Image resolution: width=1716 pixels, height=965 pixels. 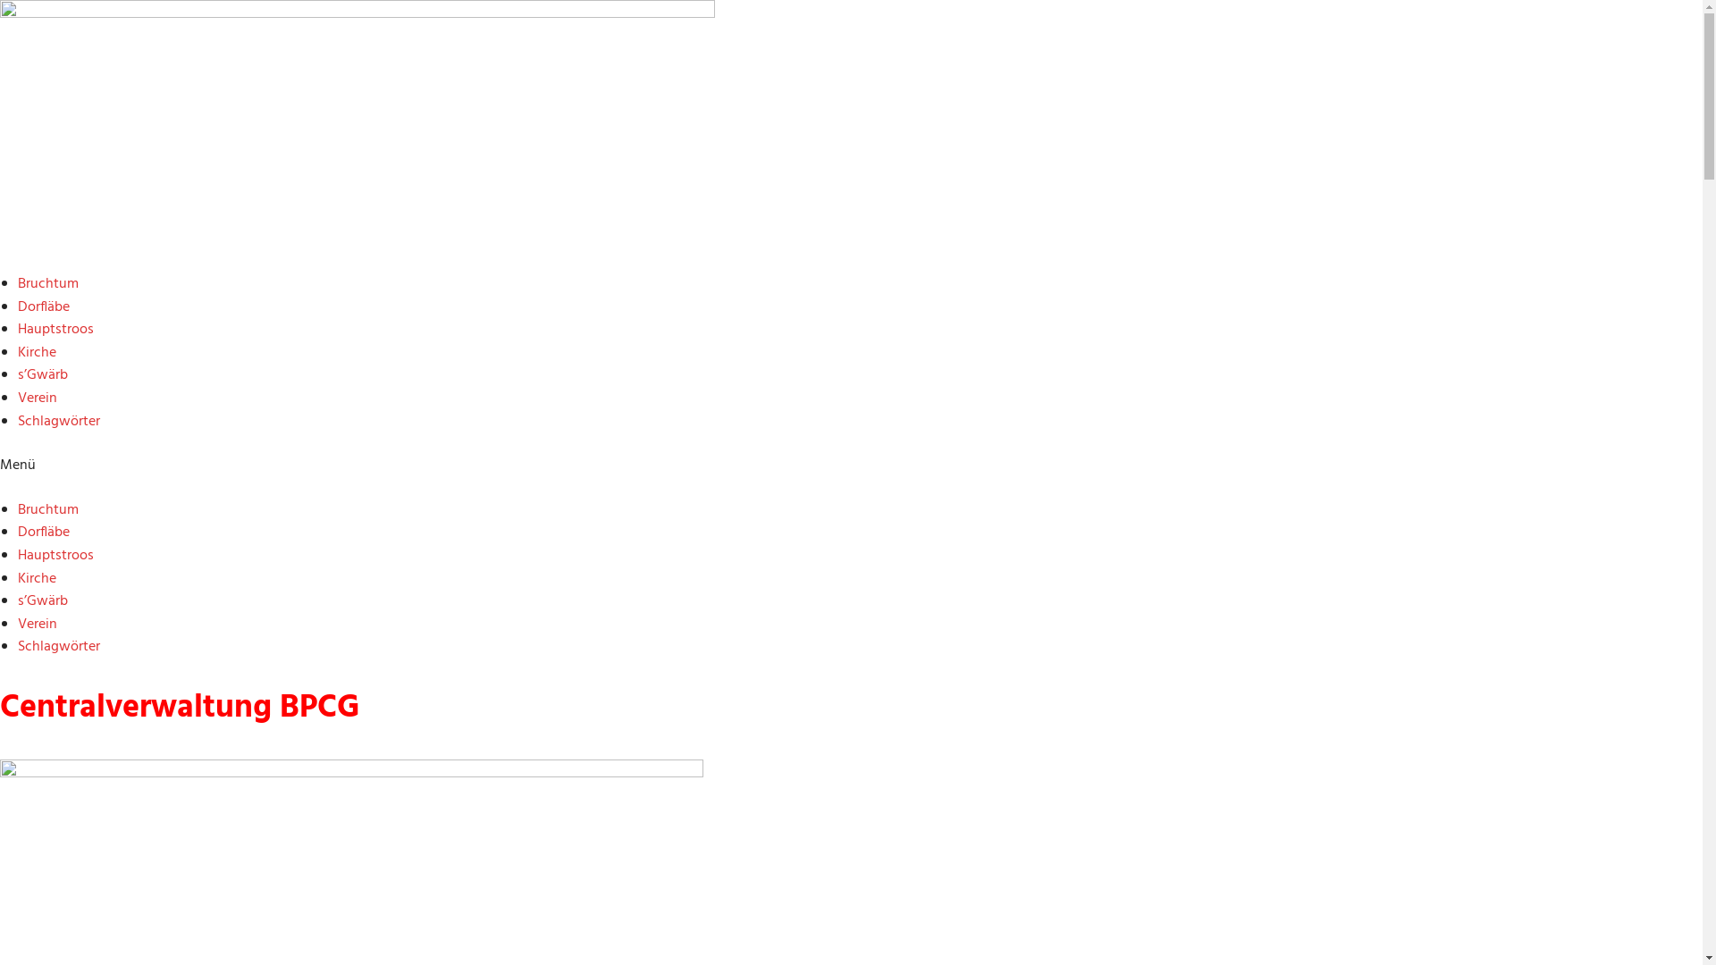 I want to click on 'Hauptstroos', so click(x=17, y=330).